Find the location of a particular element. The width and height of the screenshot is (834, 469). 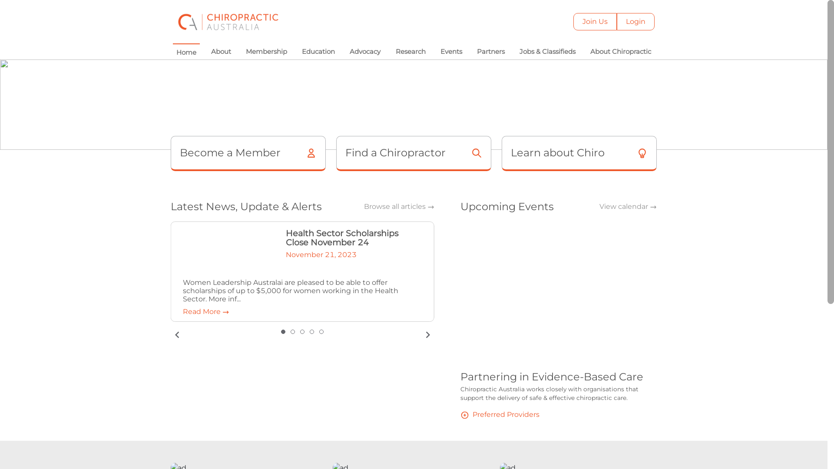

'slide item 3' is located at coordinates (302, 331).